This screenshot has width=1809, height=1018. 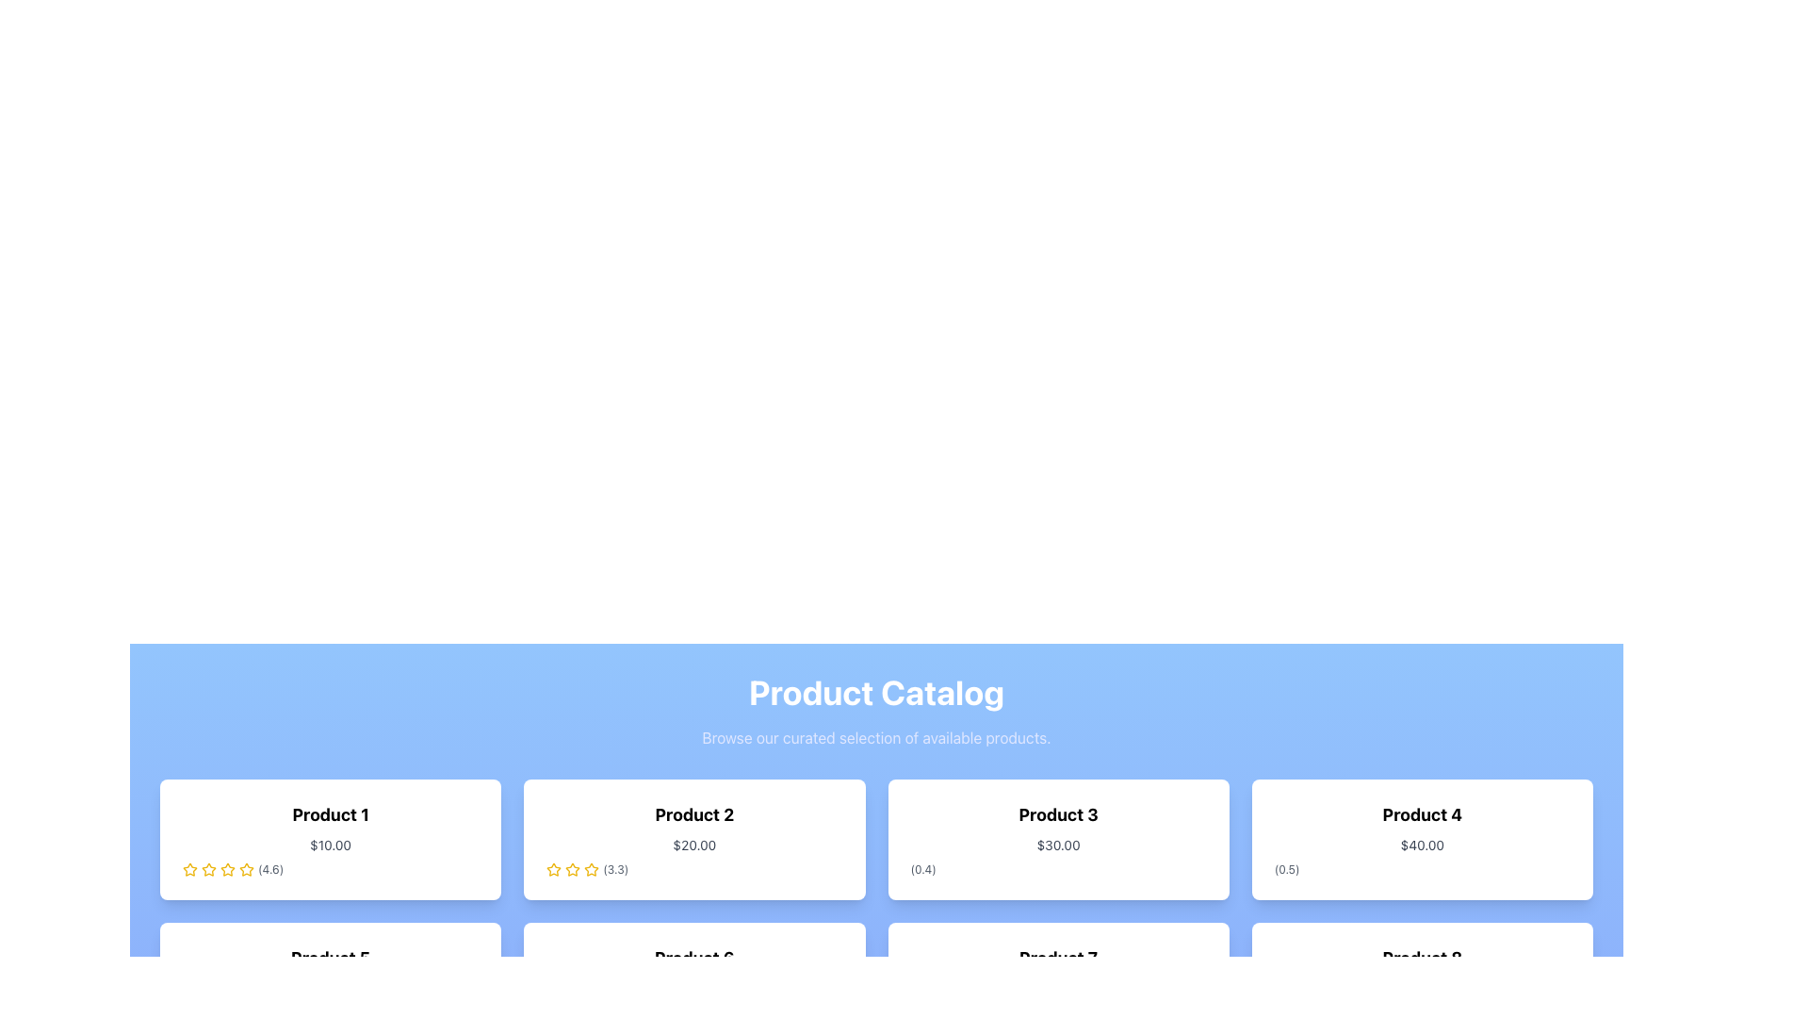 What do you see at coordinates (226, 869) in the screenshot?
I see `the fifth star icon` at bounding box center [226, 869].